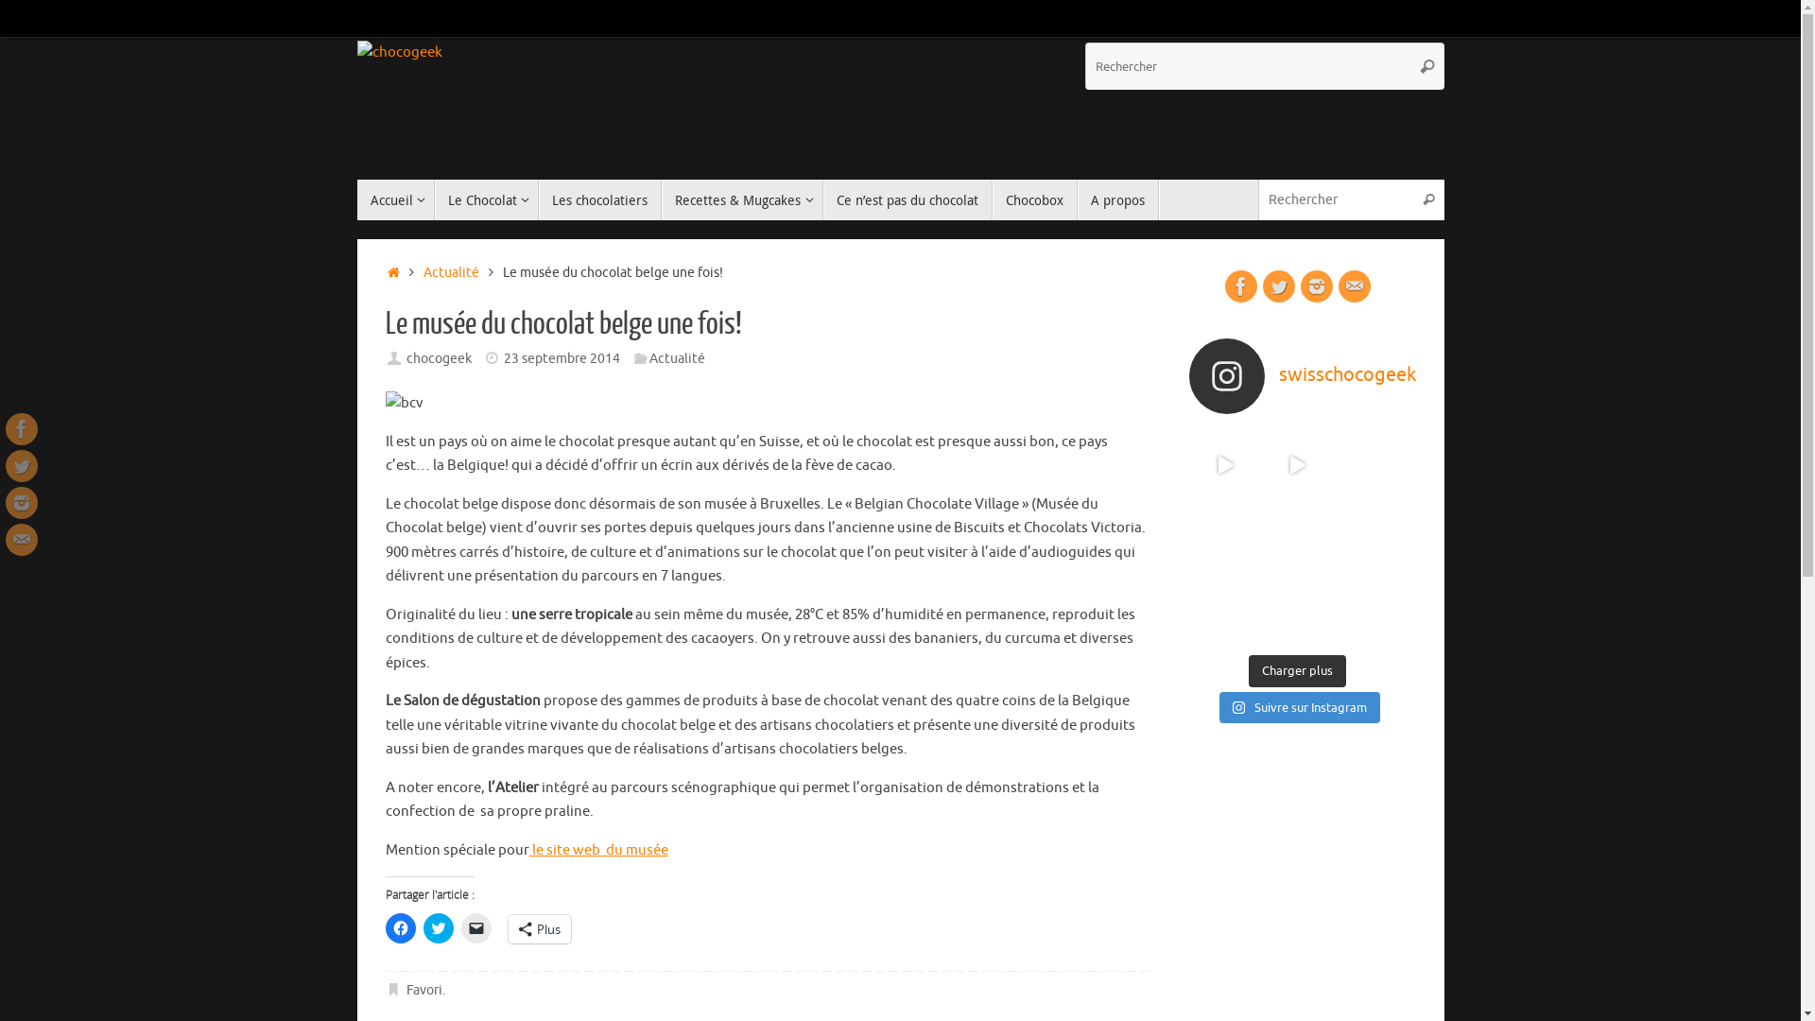  I want to click on 'Le Chocolat', so click(486, 199).